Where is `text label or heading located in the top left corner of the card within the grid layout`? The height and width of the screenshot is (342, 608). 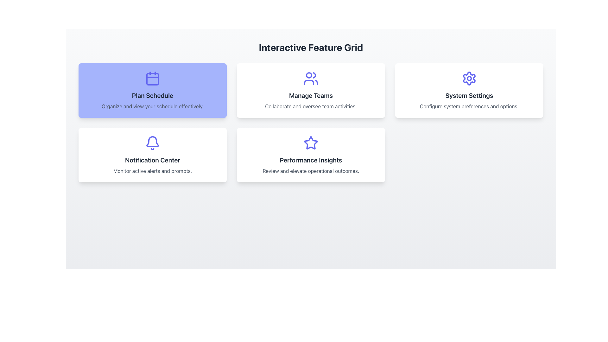 text label or heading located in the top left corner of the card within the grid layout is located at coordinates (152, 95).